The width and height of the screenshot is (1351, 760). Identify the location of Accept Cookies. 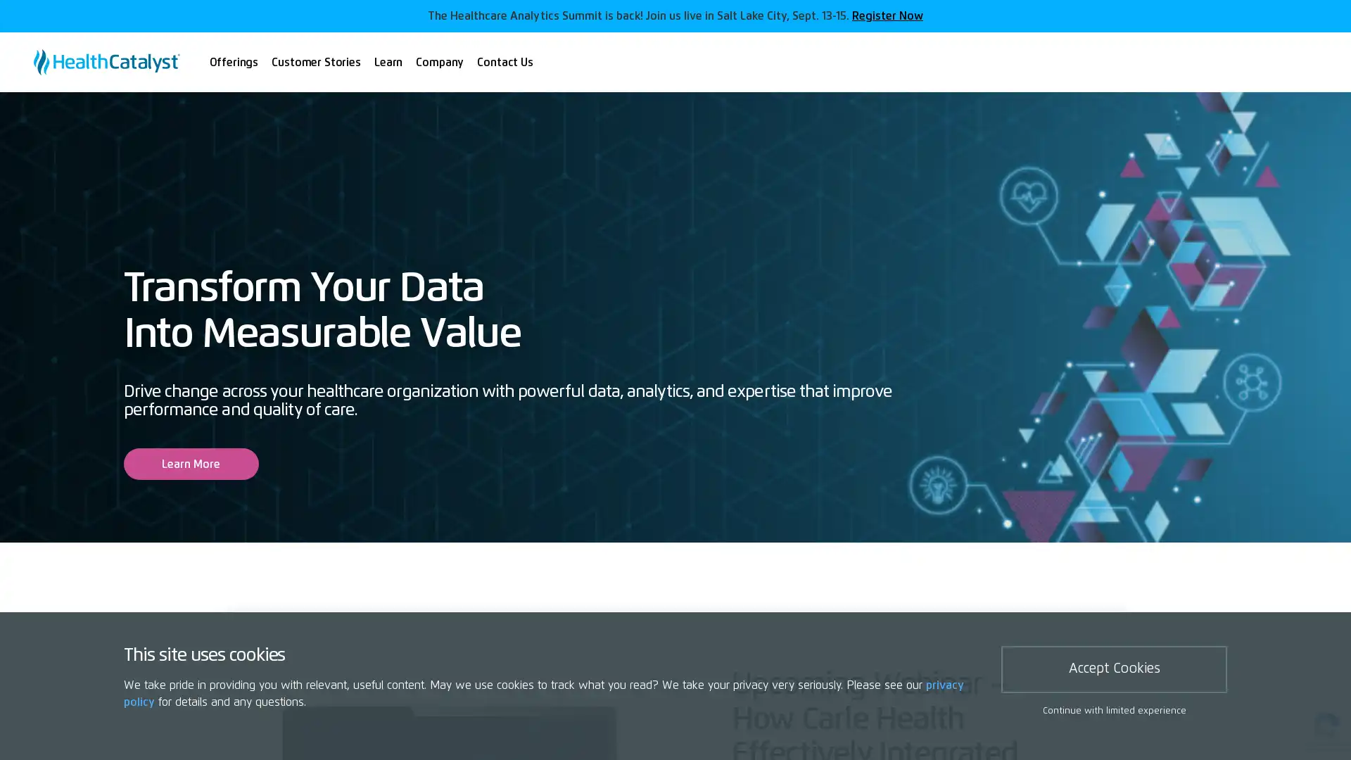
(1113, 669).